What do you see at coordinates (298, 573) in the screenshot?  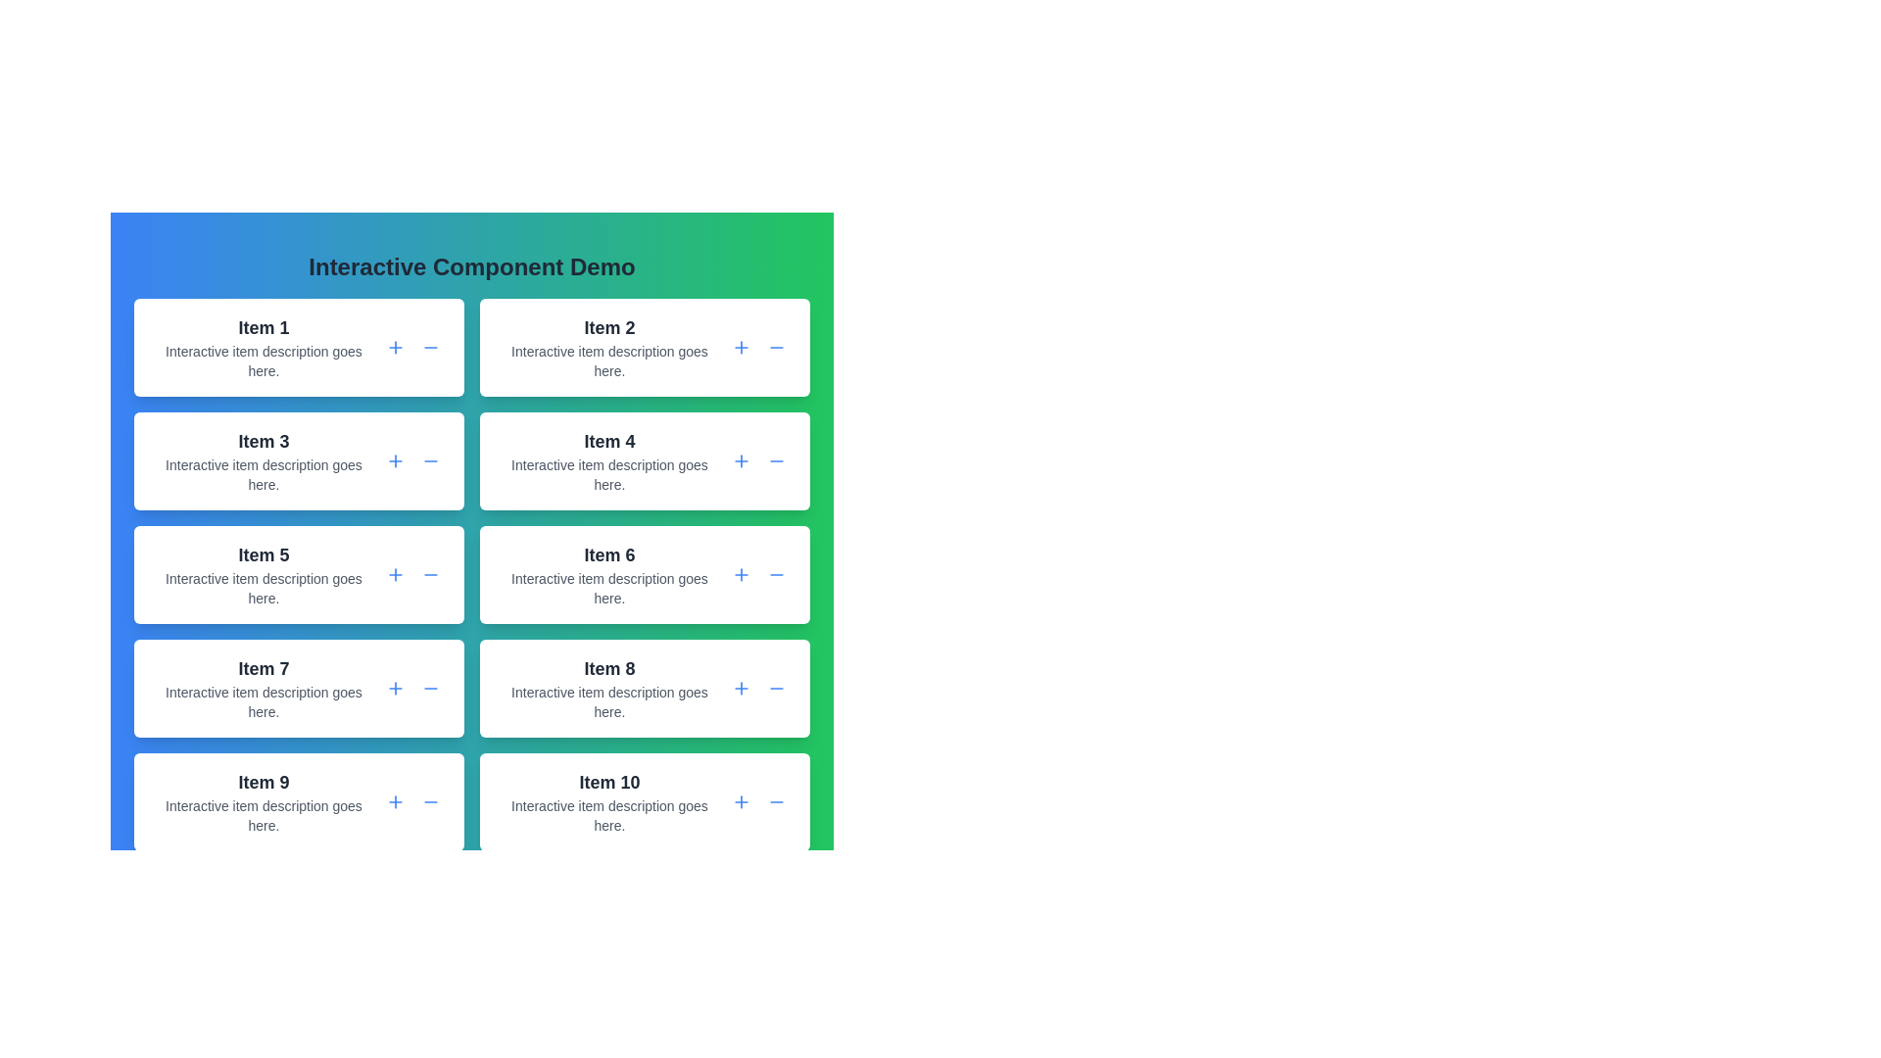 I see `the minus button on the Card element displaying 'Item 5', which is located in the third row and first column of the grid layout, to decrement the value` at bounding box center [298, 573].